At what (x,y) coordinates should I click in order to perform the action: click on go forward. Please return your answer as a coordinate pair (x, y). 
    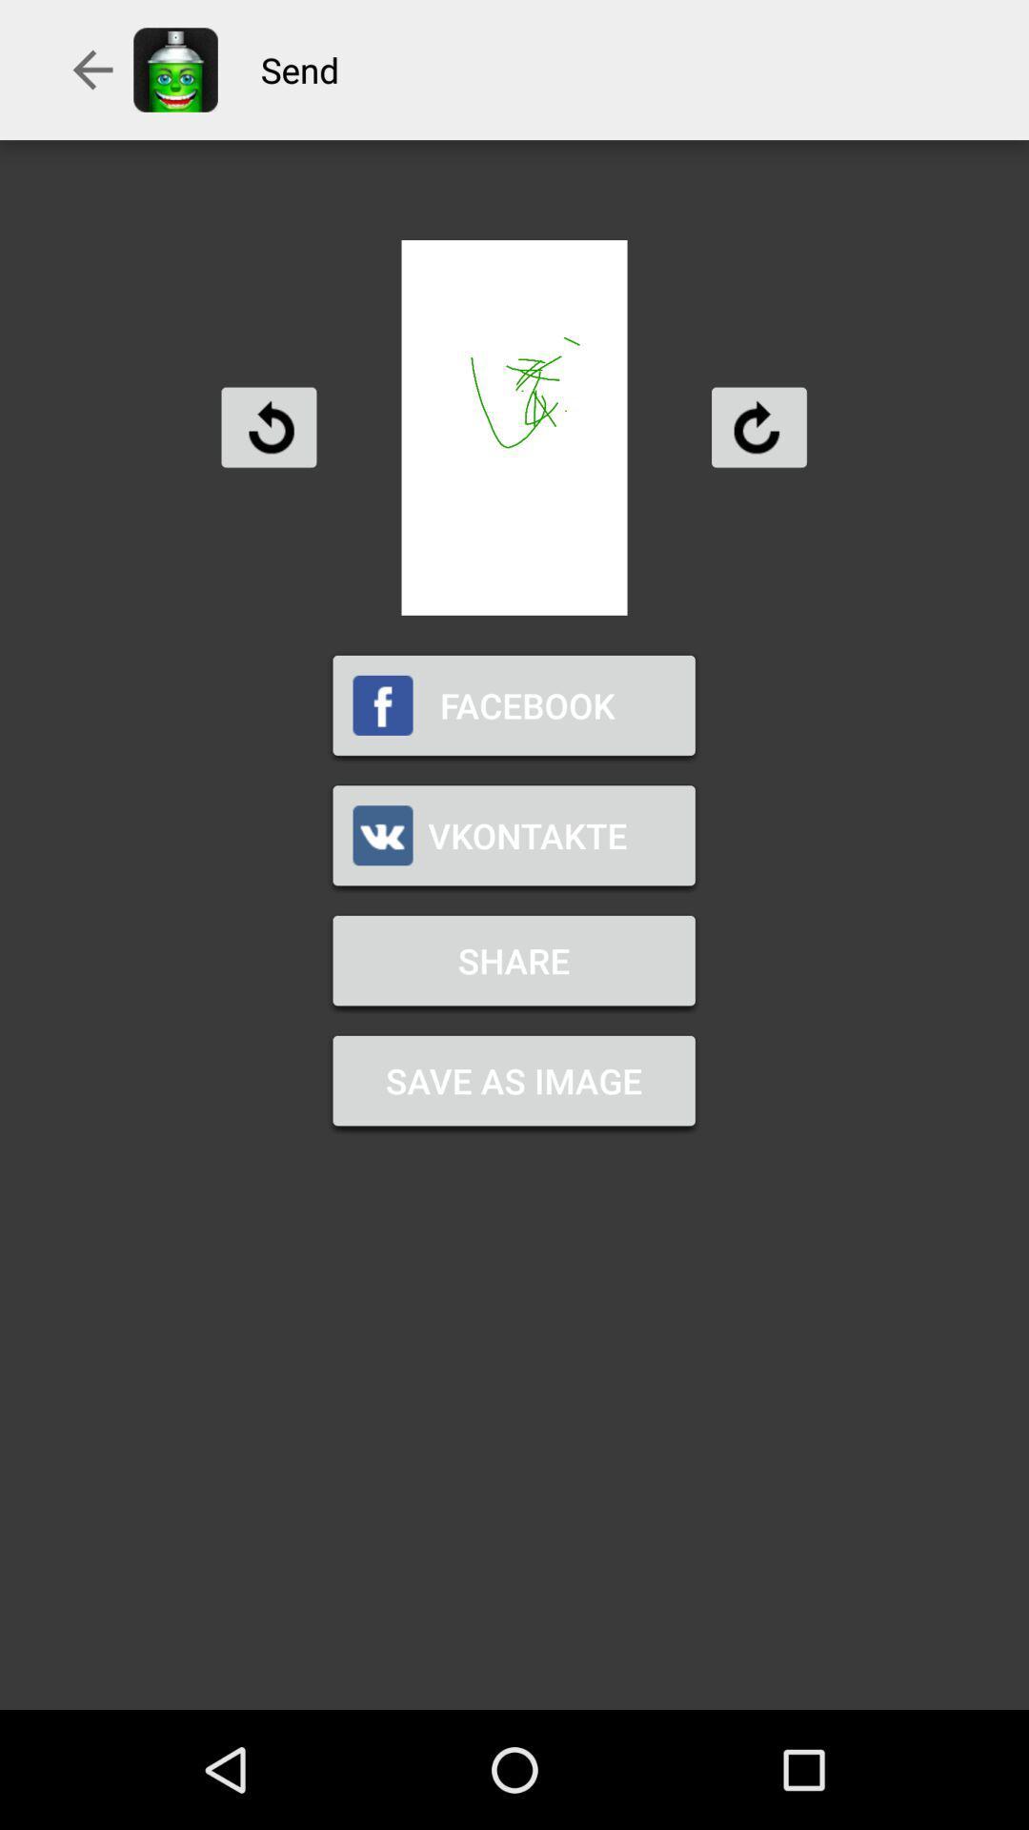
    Looking at the image, I should click on (757, 426).